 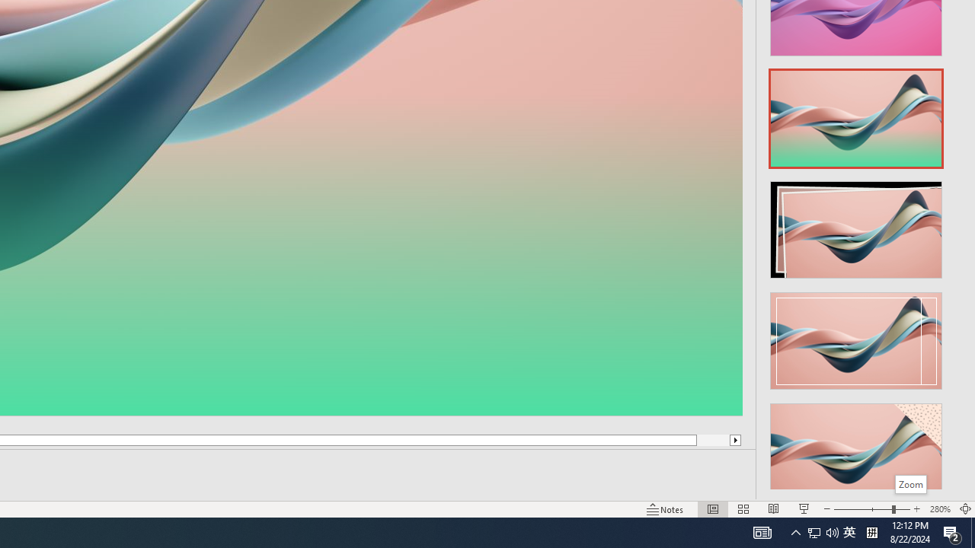 What do you see at coordinates (939, 509) in the screenshot?
I see `'Zoom 280%'` at bounding box center [939, 509].